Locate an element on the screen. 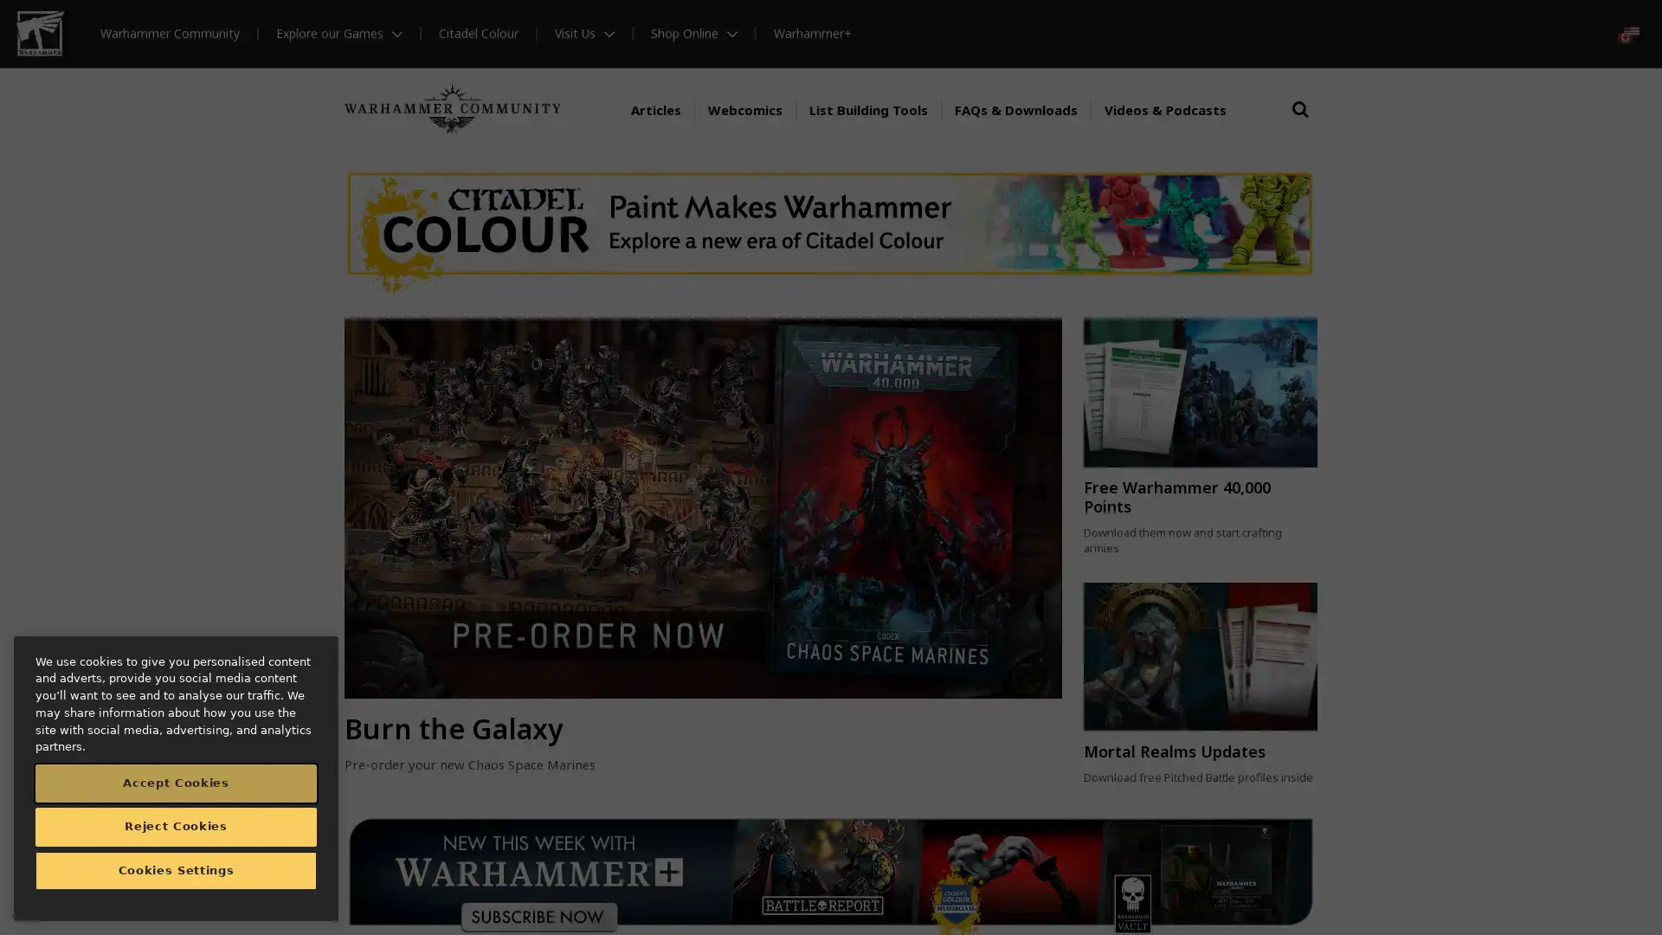 The width and height of the screenshot is (1662, 935). Search is located at coordinates (1300, 110).